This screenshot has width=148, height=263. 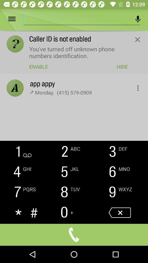 What do you see at coordinates (74, 234) in the screenshot?
I see `make a call` at bounding box center [74, 234].